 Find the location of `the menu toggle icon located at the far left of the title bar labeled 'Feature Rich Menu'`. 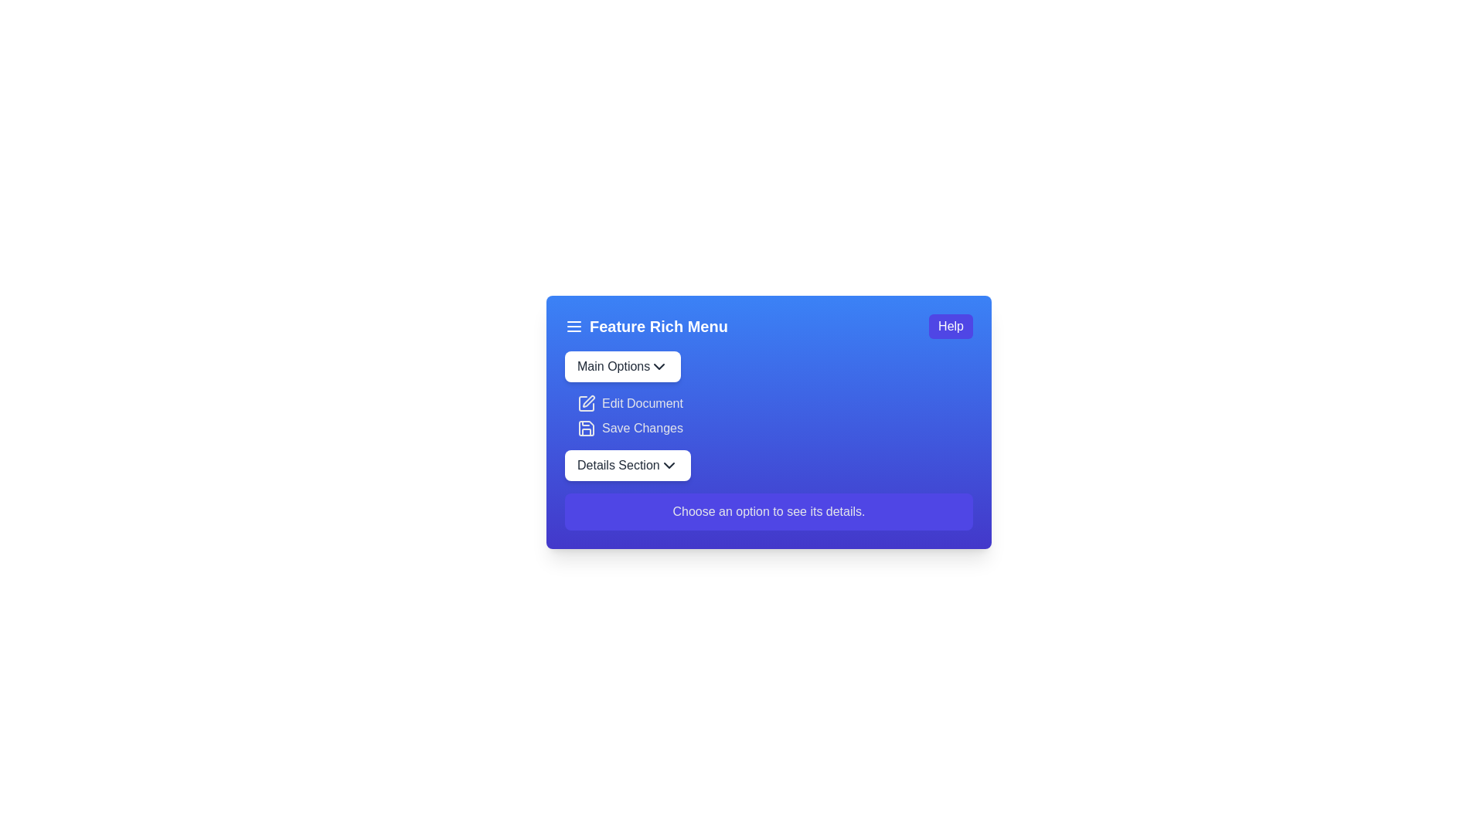

the menu toggle icon located at the far left of the title bar labeled 'Feature Rich Menu' is located at coordinates (574, 326).